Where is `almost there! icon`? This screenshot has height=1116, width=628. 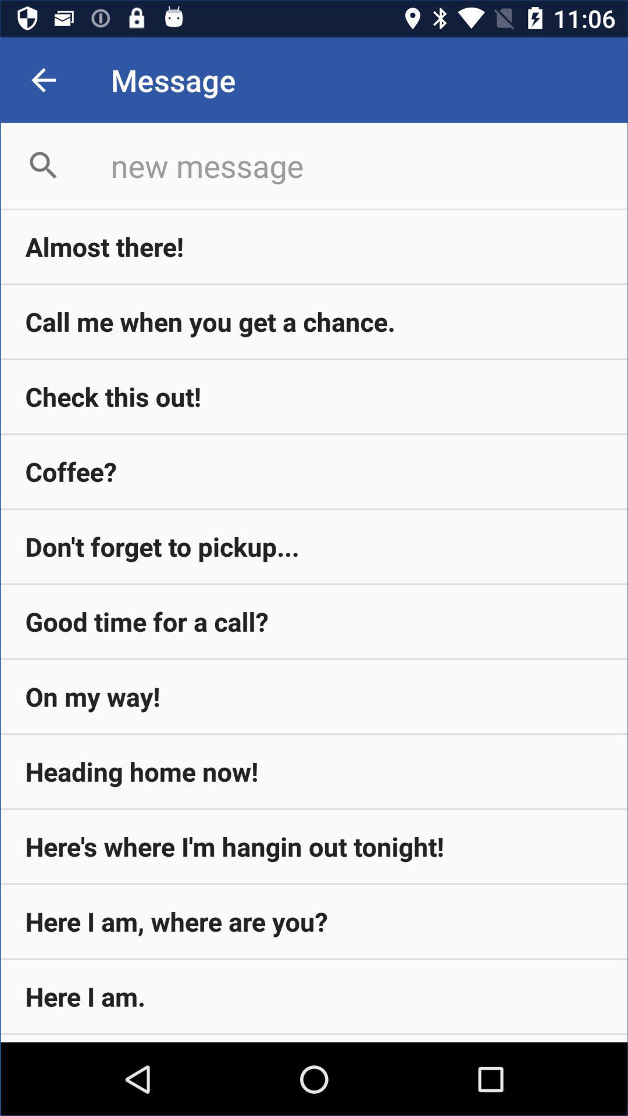
almost there! icon is located at coordinates (314, 246).